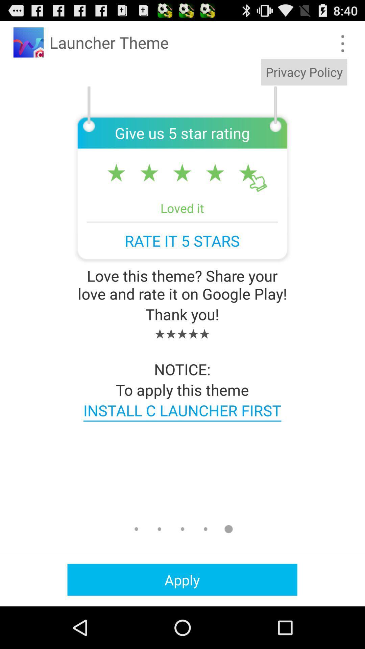 Image resolution: width=365 pixels, height=649 pixels. I want to click on icon to the right of launcher theme app, so click(303, 72).